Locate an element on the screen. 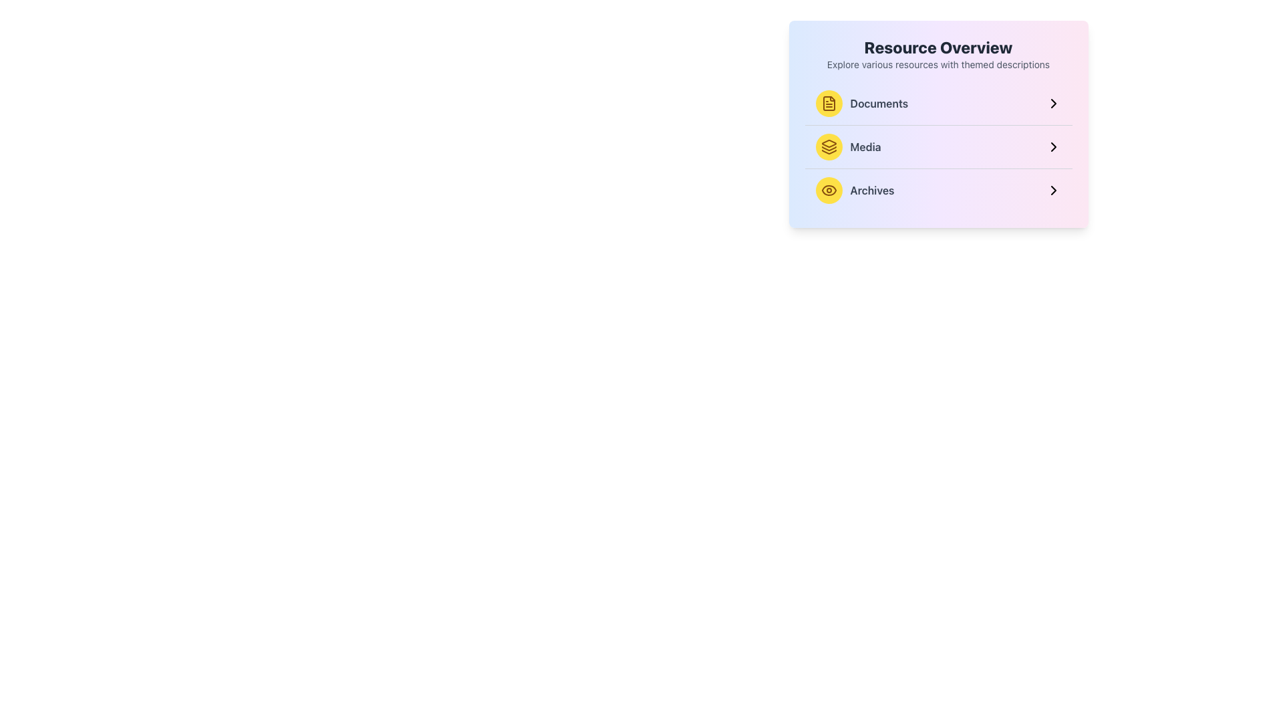 The width and height of the screenshot is (1283, 722). the second item in the interactive list that leads to the 'Media' subsection is located at coordinates (938, 146).